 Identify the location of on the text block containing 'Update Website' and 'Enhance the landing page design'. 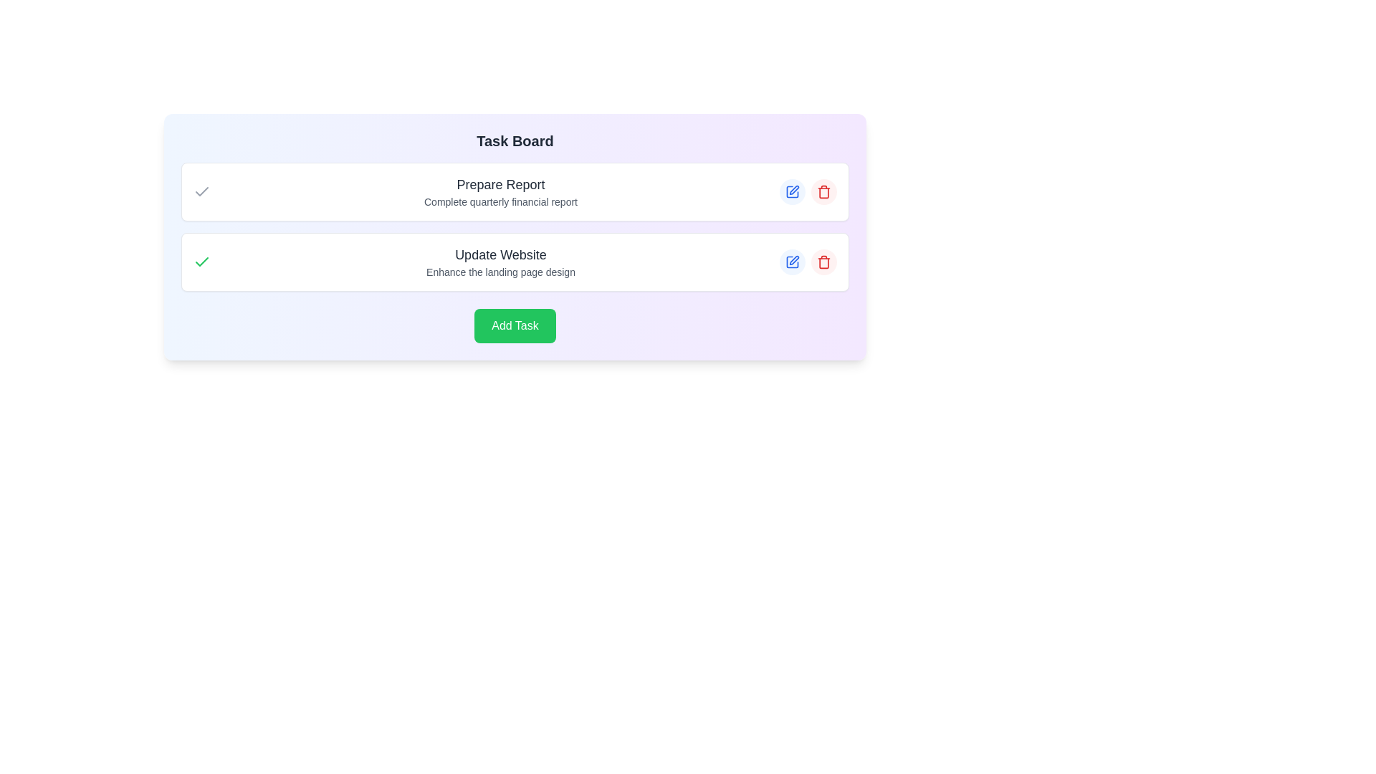
(501, 262).